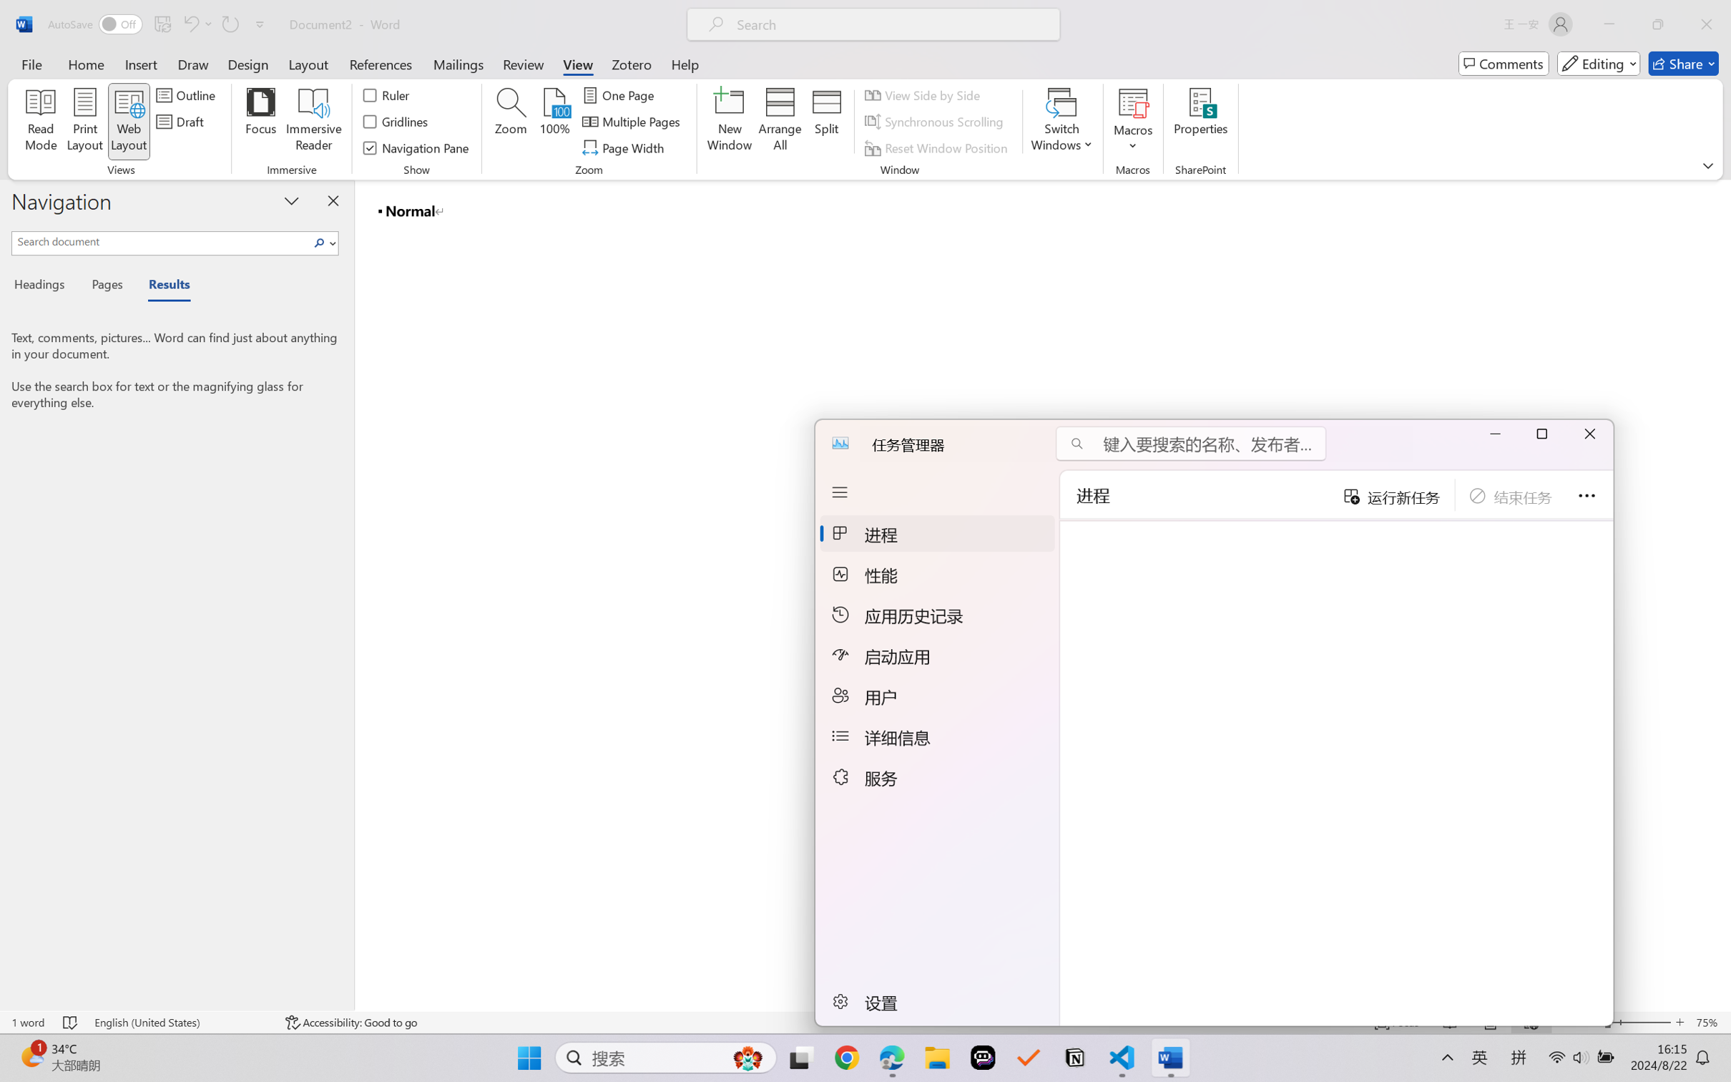  Describe the element at coordinates (845, 1058) in the screenshot. I see `'Google Chrome'` at that location.